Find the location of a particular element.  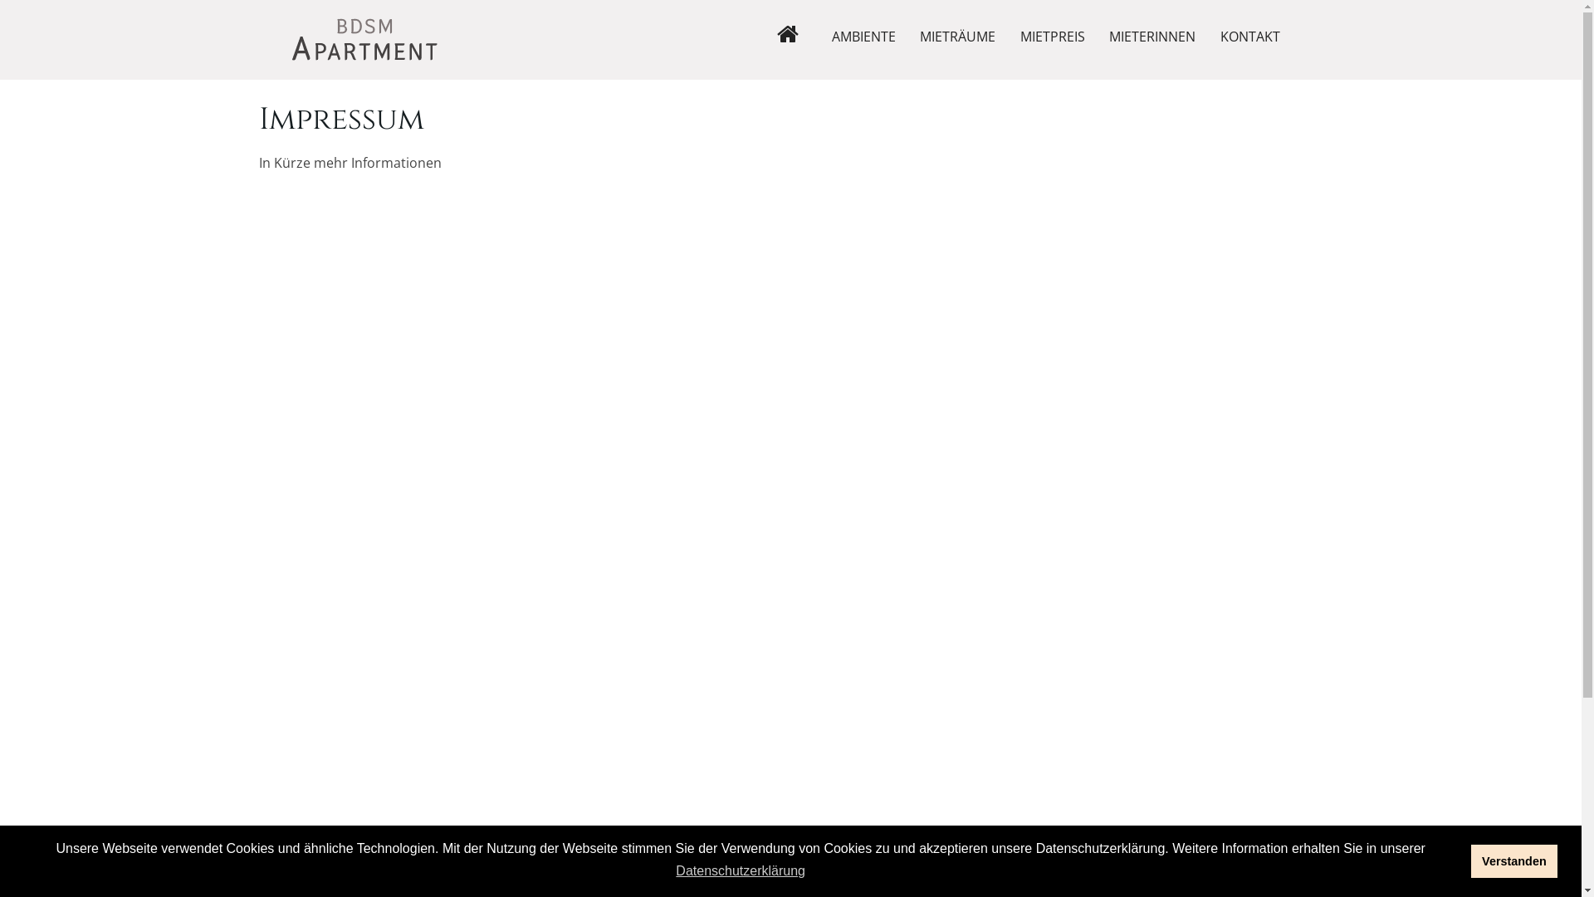

'MIETERINNEN' is located at coordinates (1151, 36).